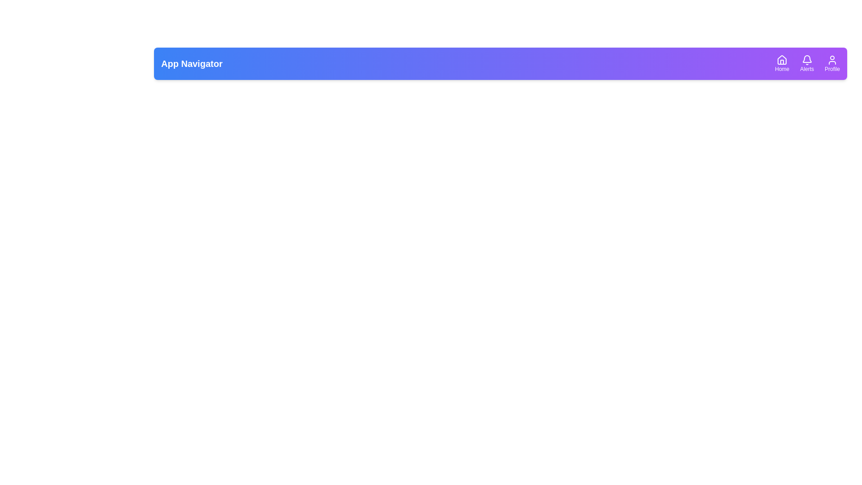 Image resolution: width=862 pixels, height=485 pixels. What do you see at coordinates (782, 60) in the screenshot?
I see `the 'Home' icon located in the top-right section of the navigation bar, which visually represents the 'Home' button` at bounding box center [782, 60].